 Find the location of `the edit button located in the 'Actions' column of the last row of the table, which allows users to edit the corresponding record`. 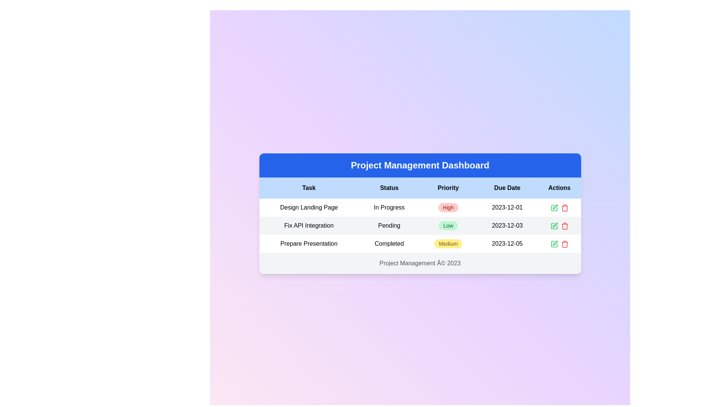

the edit button located in the 'Actions' column of the last row of the table, which allows users to edit the corresponding record is located at coordinates (554, 244).